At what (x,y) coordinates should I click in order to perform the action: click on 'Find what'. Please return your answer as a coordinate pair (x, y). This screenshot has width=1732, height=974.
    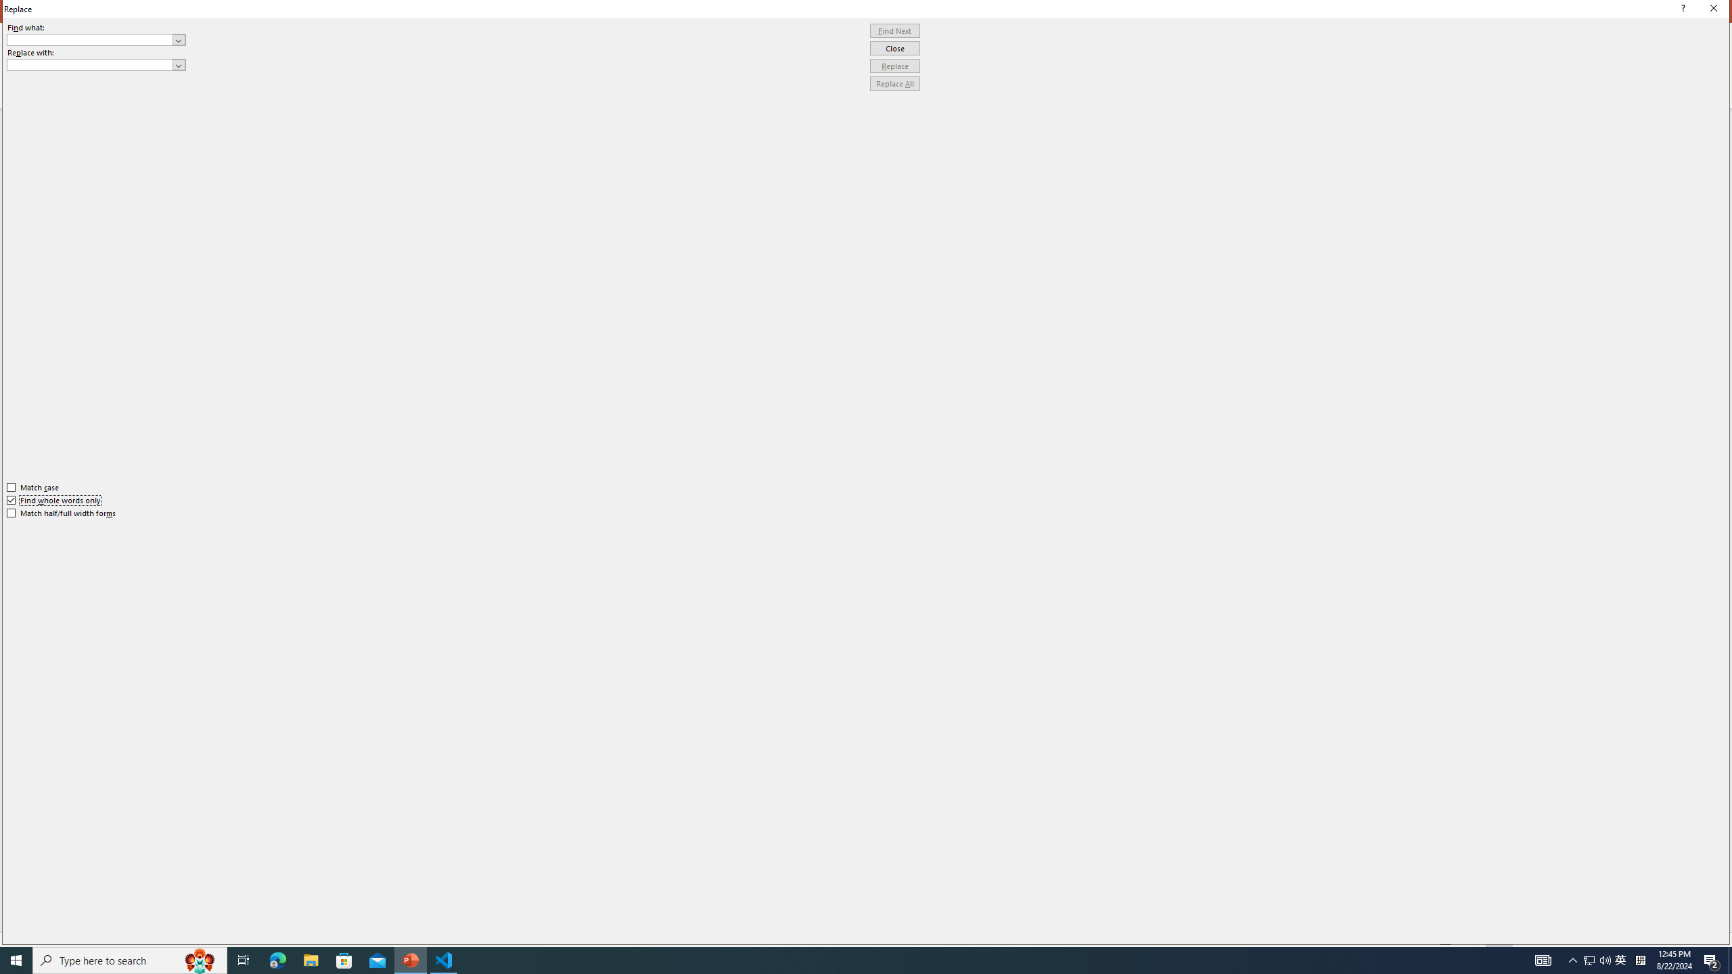
    Looking at the image, I should click on (90, 39).